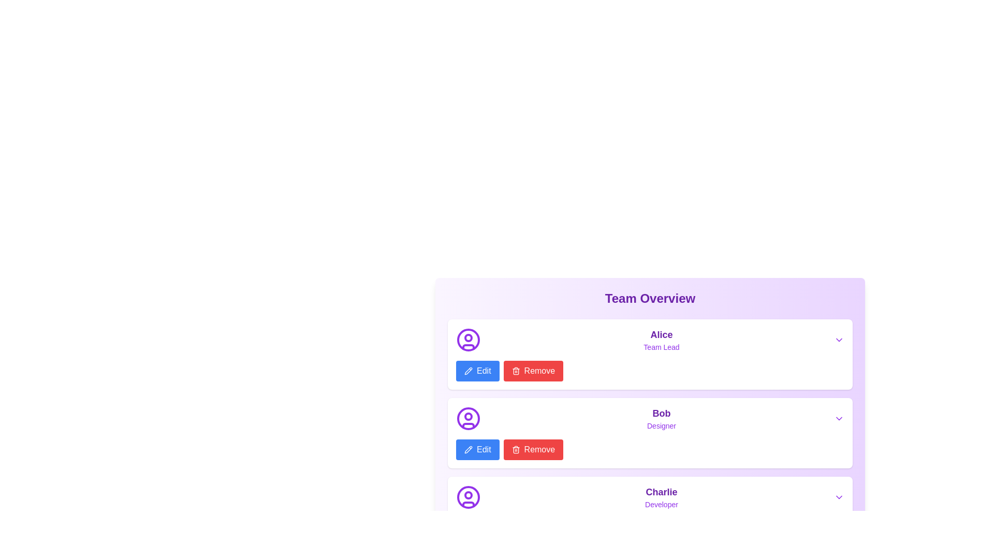 Image resolution: width=994 pixels, height=559 pixels. Describe the element at coordinates (468, 449) in the screenshot. I see `the 'Edit' icon located adjacent to the blue 'Edit' button for the second user entry, 'Bob', in the 'Team Overview' section to invoke edit functionality` at that location.